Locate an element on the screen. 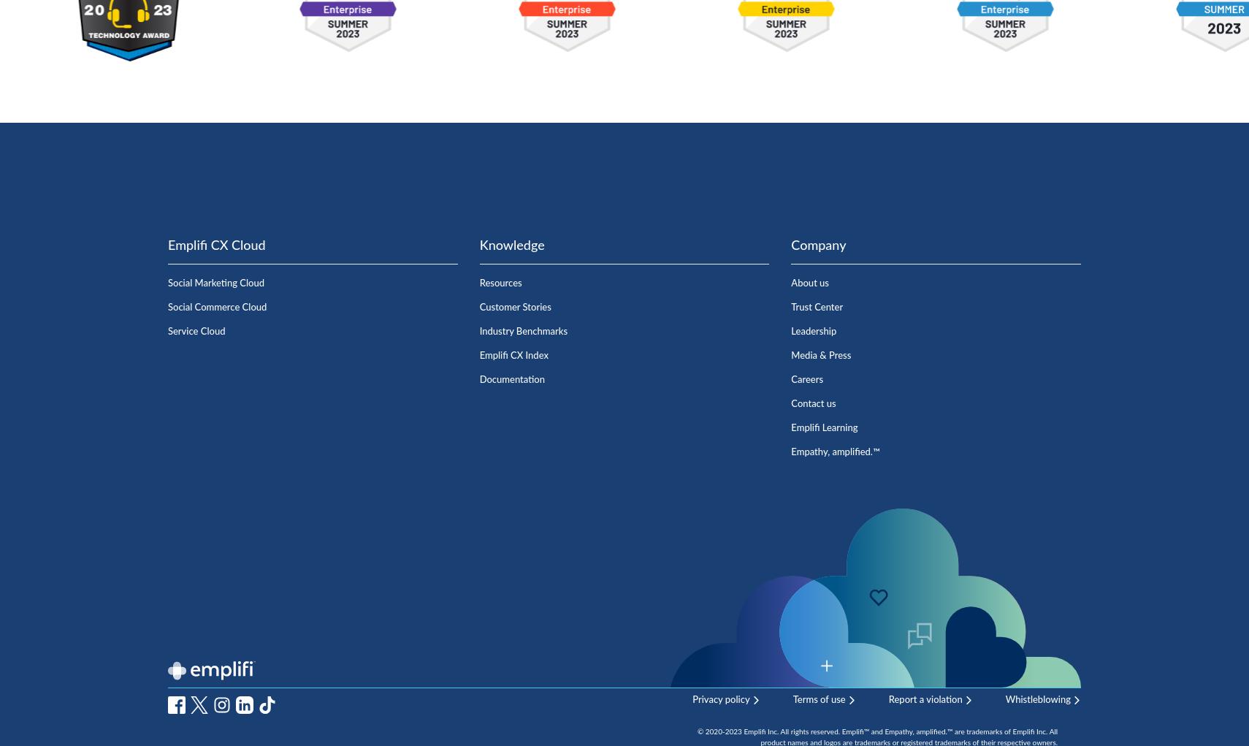  'Leadership' is located at coordinates (790, 331).